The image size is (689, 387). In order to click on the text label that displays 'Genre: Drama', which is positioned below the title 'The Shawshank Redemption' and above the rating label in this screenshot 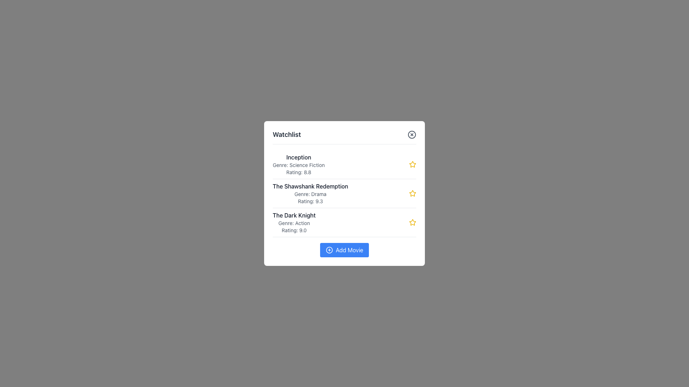, I will do `click(310, 194)`.